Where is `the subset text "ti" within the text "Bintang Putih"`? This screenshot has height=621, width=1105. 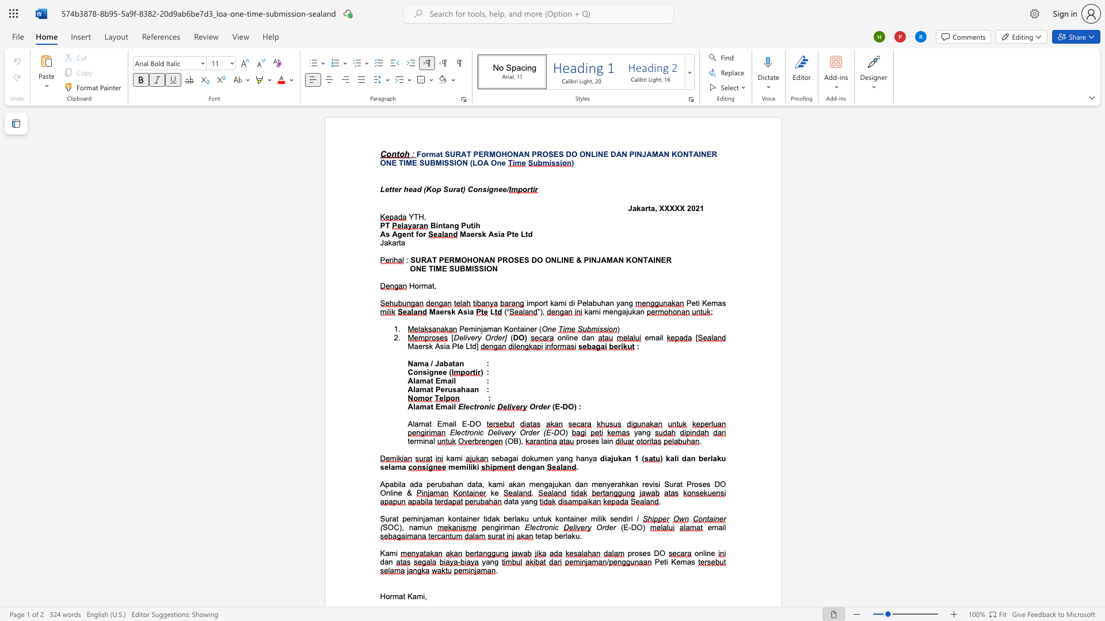
the subset text "ti" within the text "Bintang Putih" is located at coordinates (471, 225).